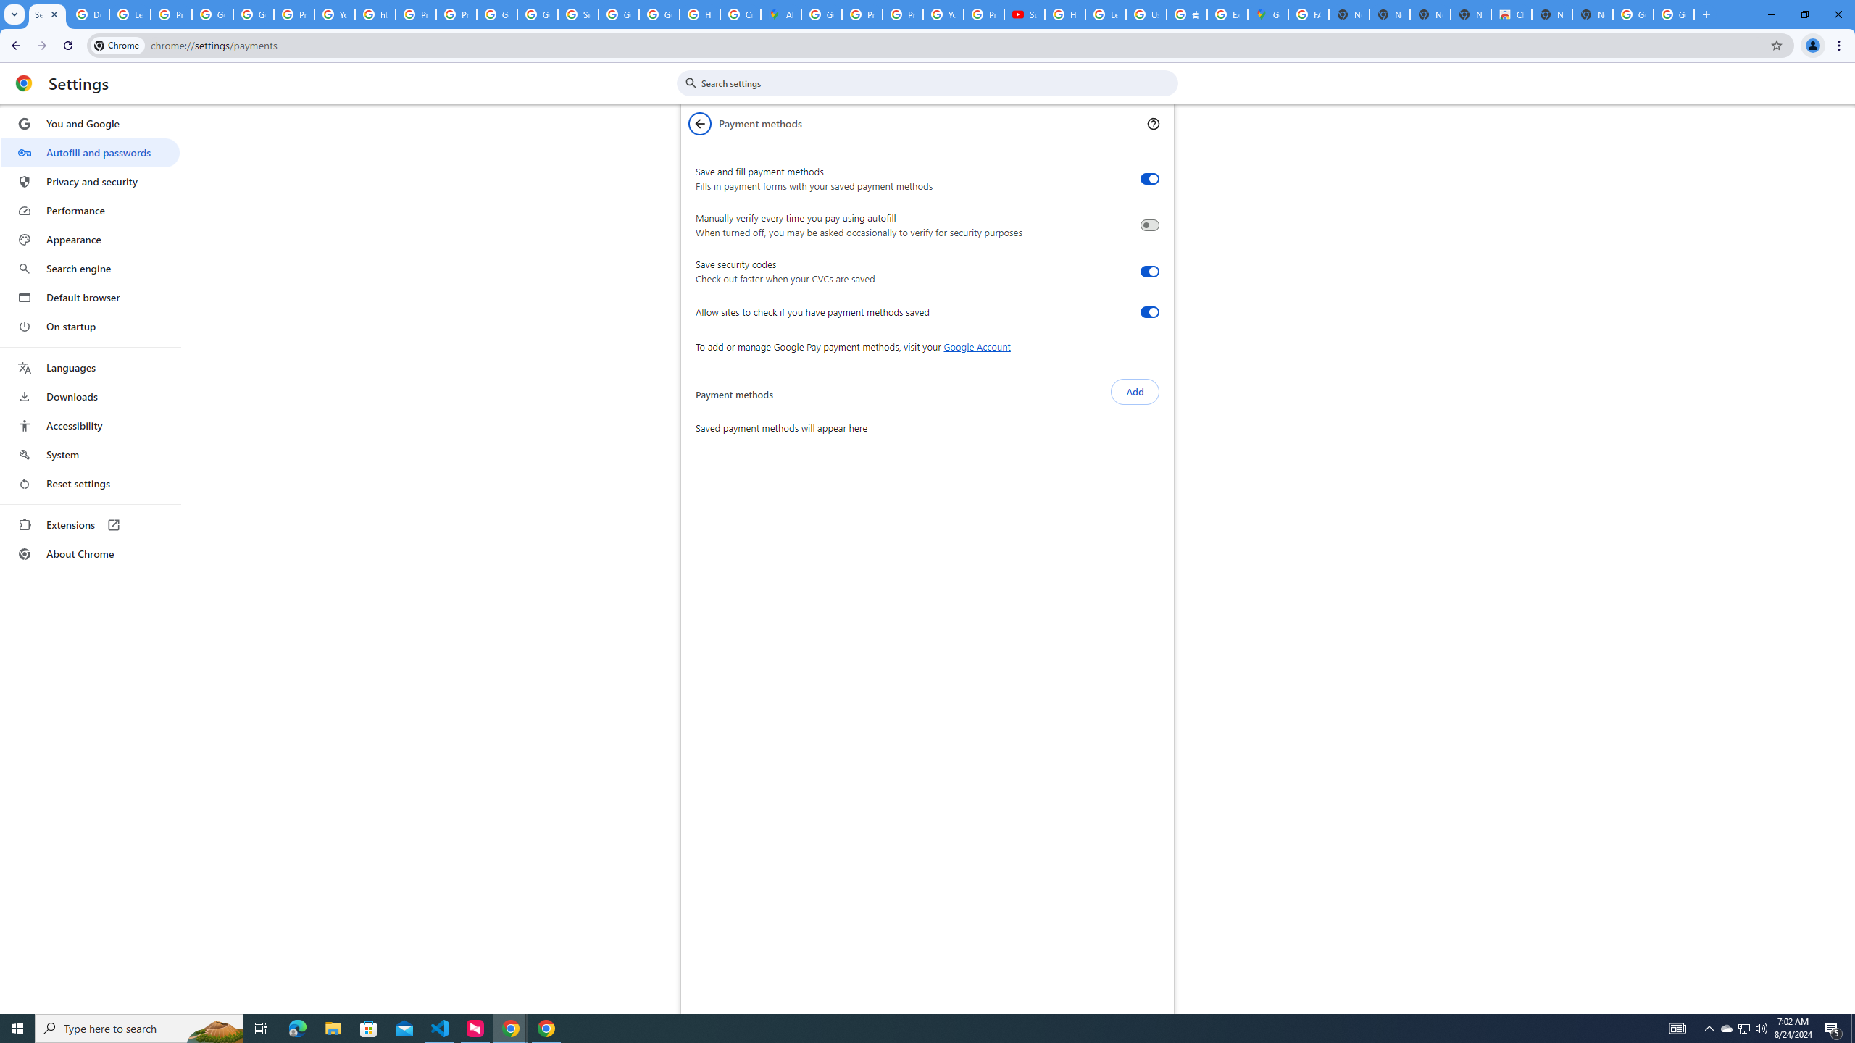 This screenshot has width=1855, height=1043. Describe the element at coordinates (89, 124) in the screenshot. I see `'You and Google'` at that location.